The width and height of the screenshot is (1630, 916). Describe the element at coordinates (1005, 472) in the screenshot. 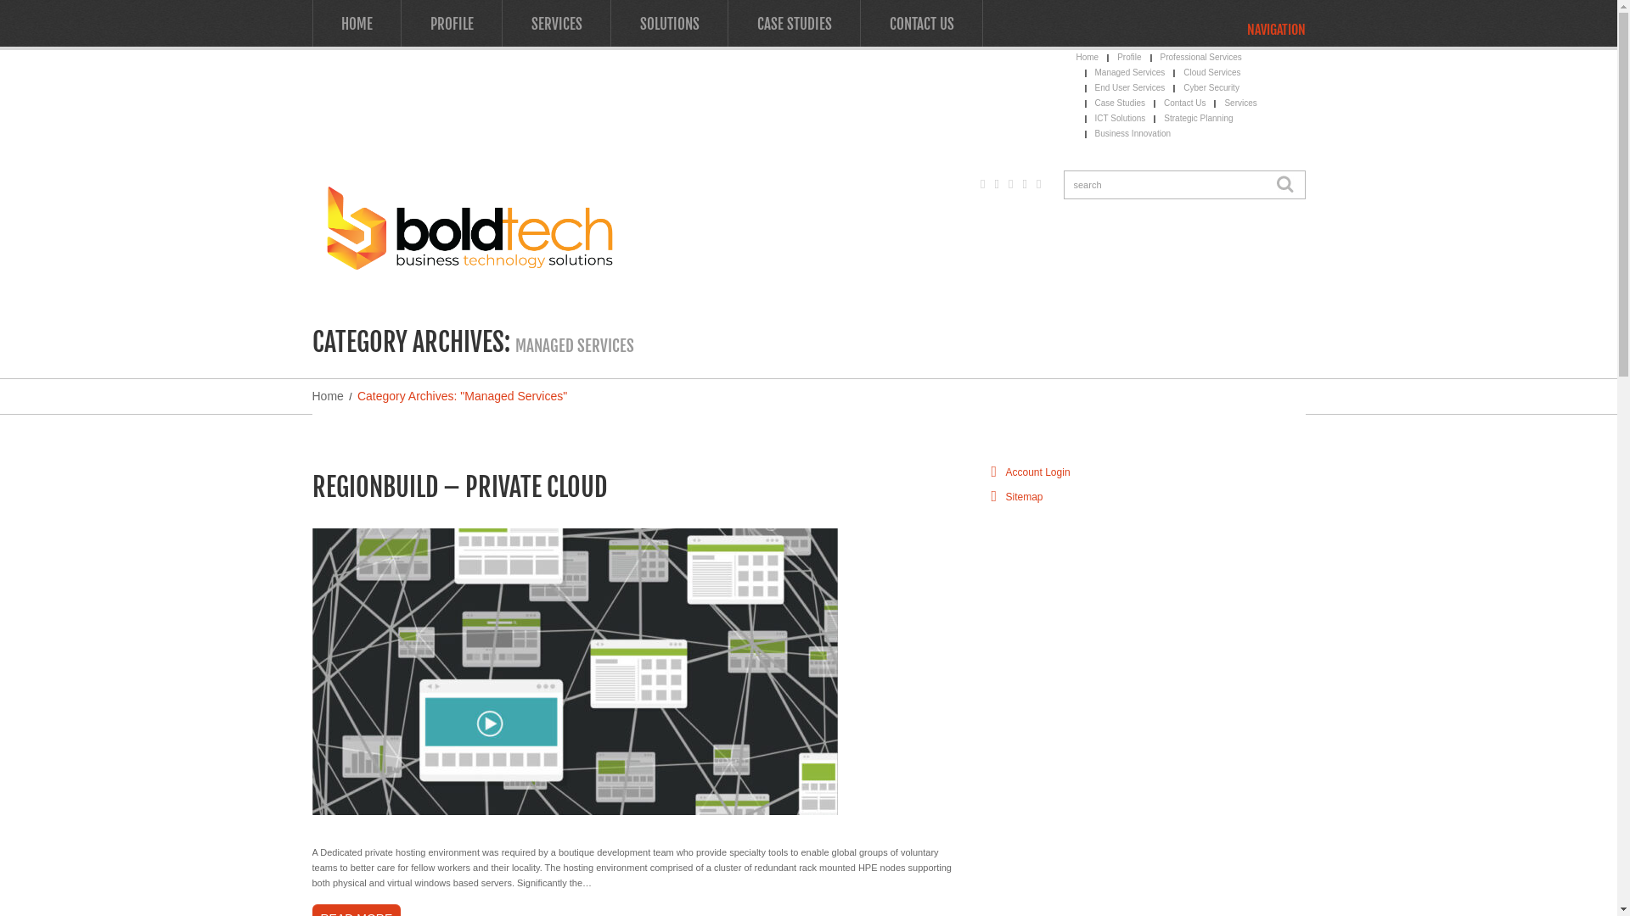

I see `'Account Login'` at that location.